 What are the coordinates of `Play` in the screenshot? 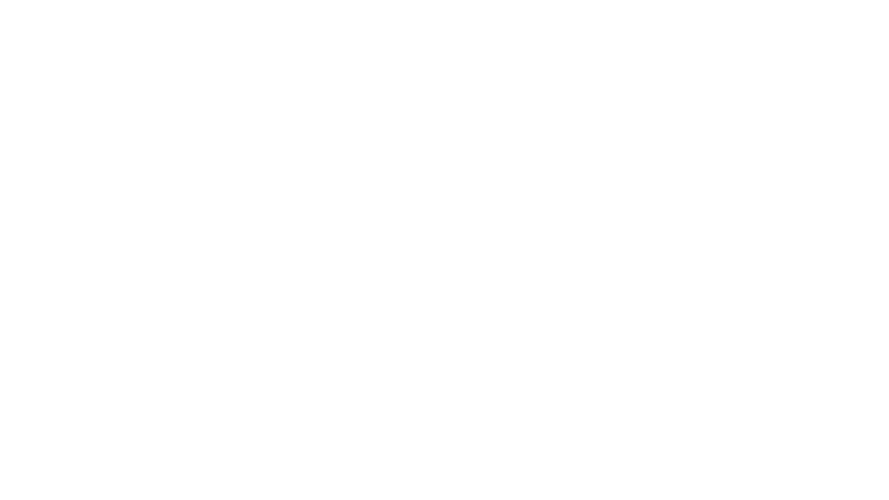 It's located at (400, 349).